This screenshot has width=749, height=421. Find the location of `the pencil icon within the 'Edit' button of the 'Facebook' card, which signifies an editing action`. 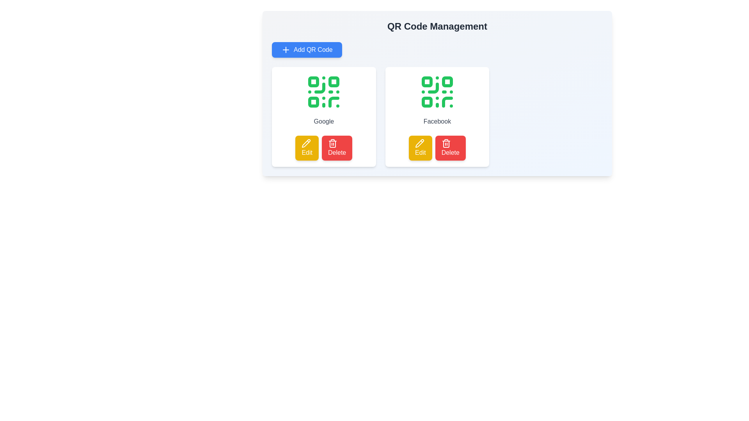

the pencil icon within the 'Edit' button of the 'Facebook' card, which signifies an editing action is located at coordinates (419, 143).